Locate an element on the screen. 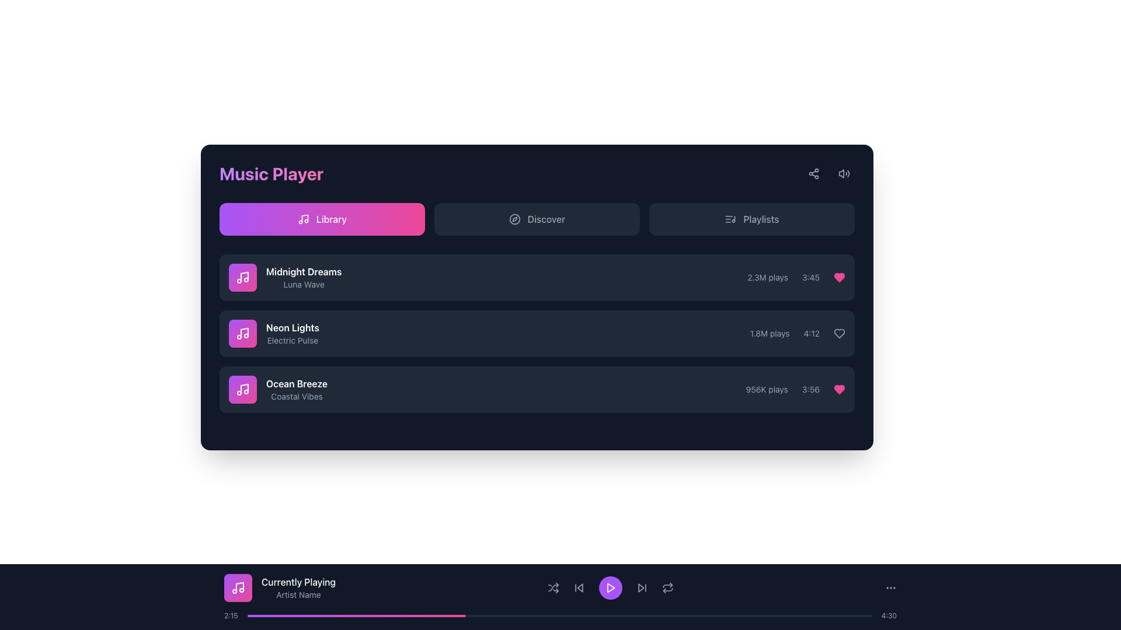 The height and width of the screenshot is (630, 1121). the square-shaped icon with a gradient background transitioning from purple to pink, containing a white music note icon, located to the left of the text 'Ocean Breeze' in the music list is located at coordinates (242, 389).